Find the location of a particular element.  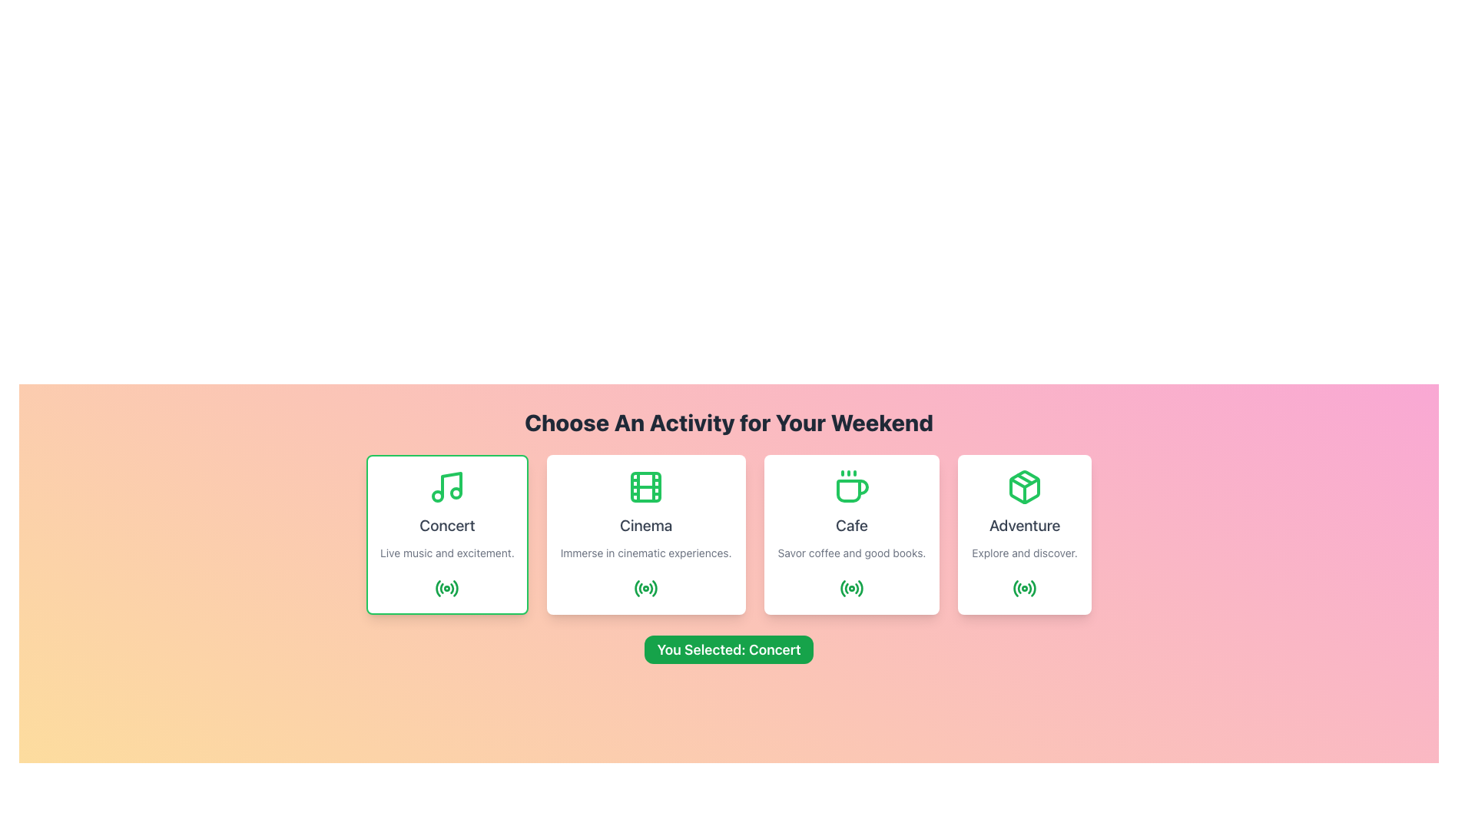

the decorative circle component of the musical note icon located in the first card from the left in the 'Choose An Activity for Your Weekend' section is located at coordinates (437, 496).